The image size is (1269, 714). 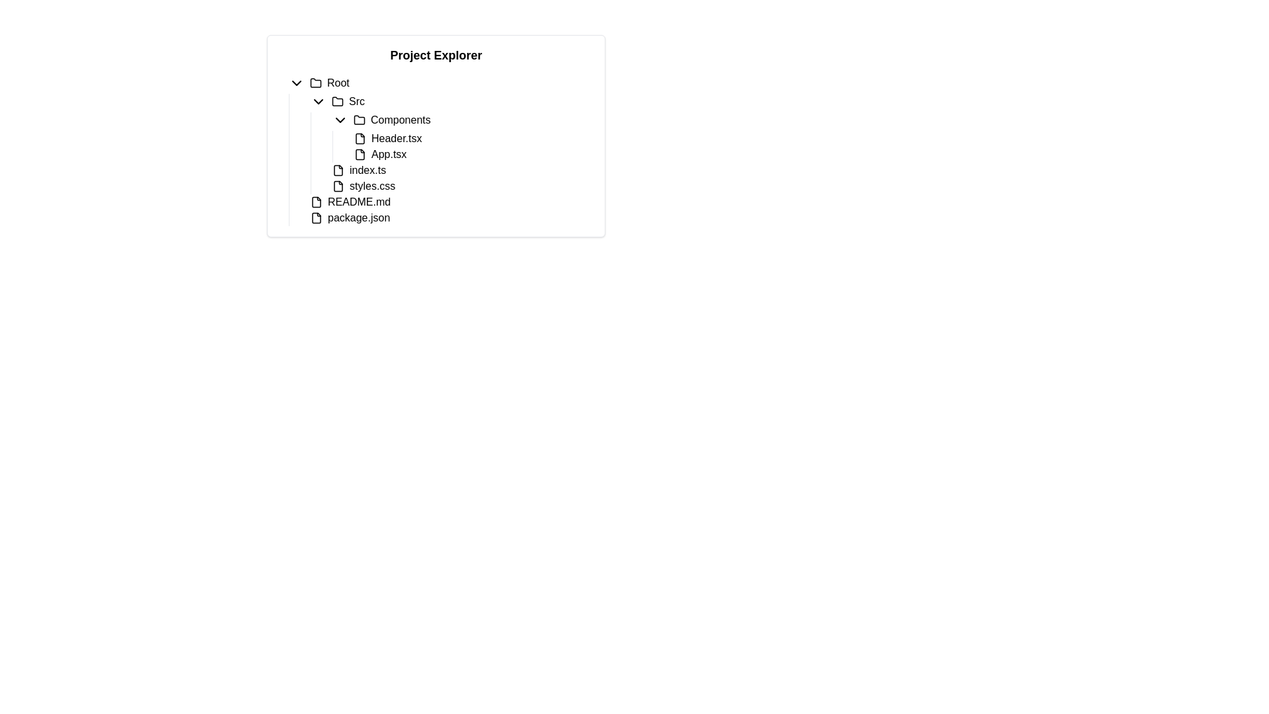 What do you see at coordinates (463, 170) in the screenshot?
I see `the 'index.ts' file item` at bounding box center [463, 170].